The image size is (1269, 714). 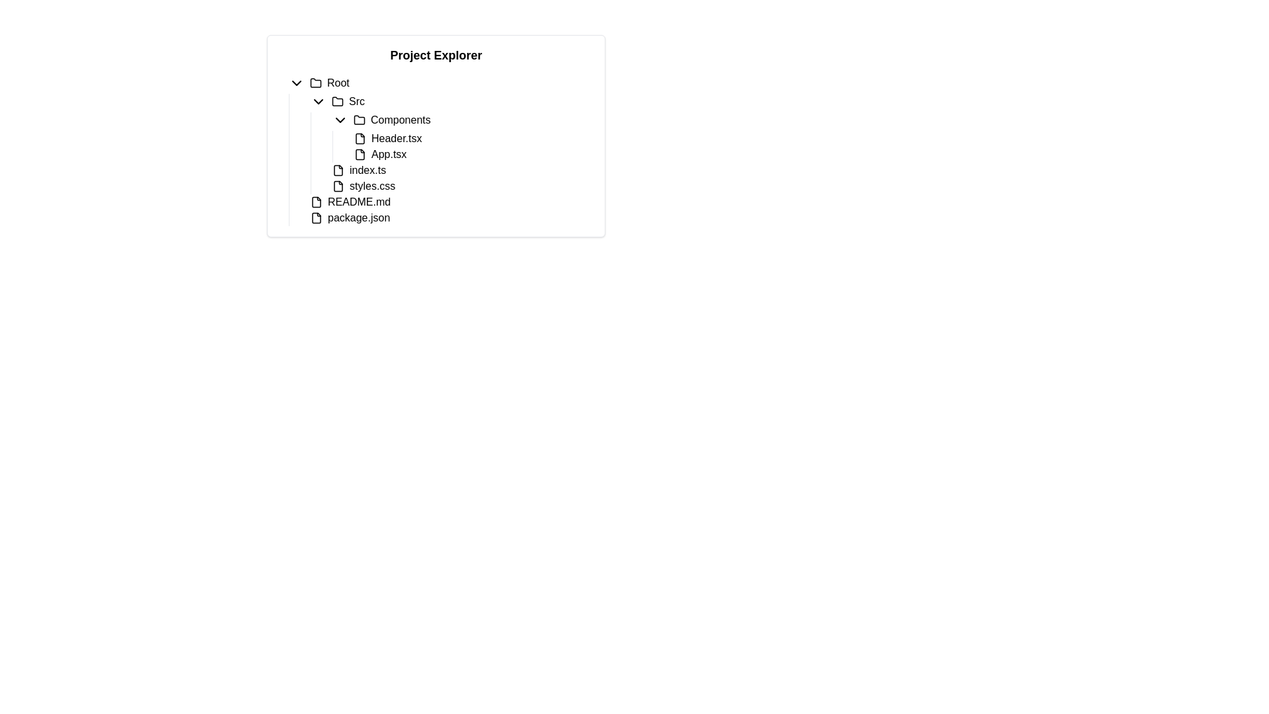 What do you see at coordinates (463, 170) in the screenshot?
I see `the 'index.ts' file item` at bounding box center [463, 170].